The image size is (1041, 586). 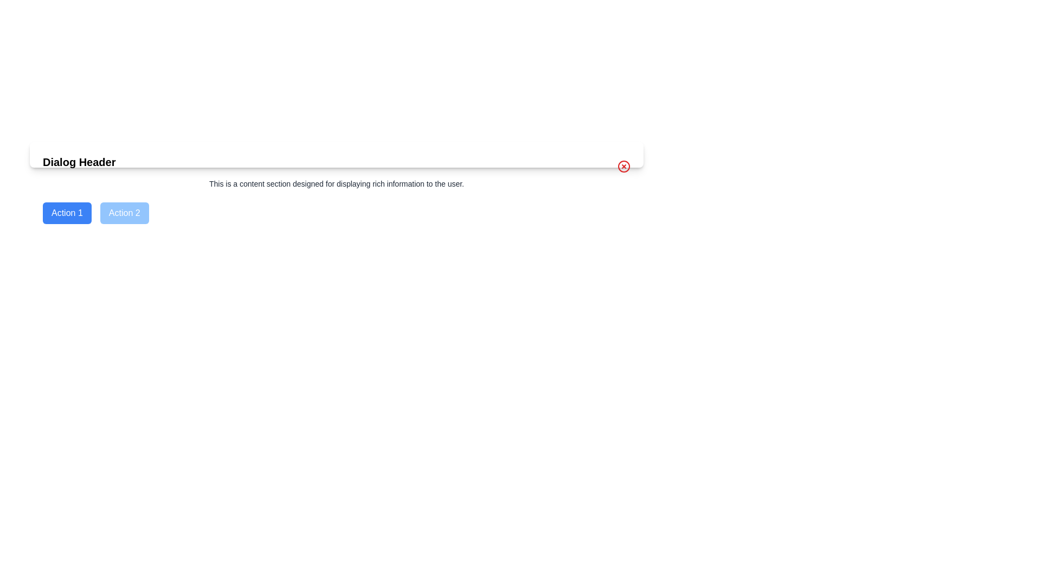 What do you see at coordinates (624, 167) in the screenshot?
I see `the close button located in the top-right corner of the dialog header section, which features an 'X' icon within a circular SVG graphical component` at bounding box center [624, 167].